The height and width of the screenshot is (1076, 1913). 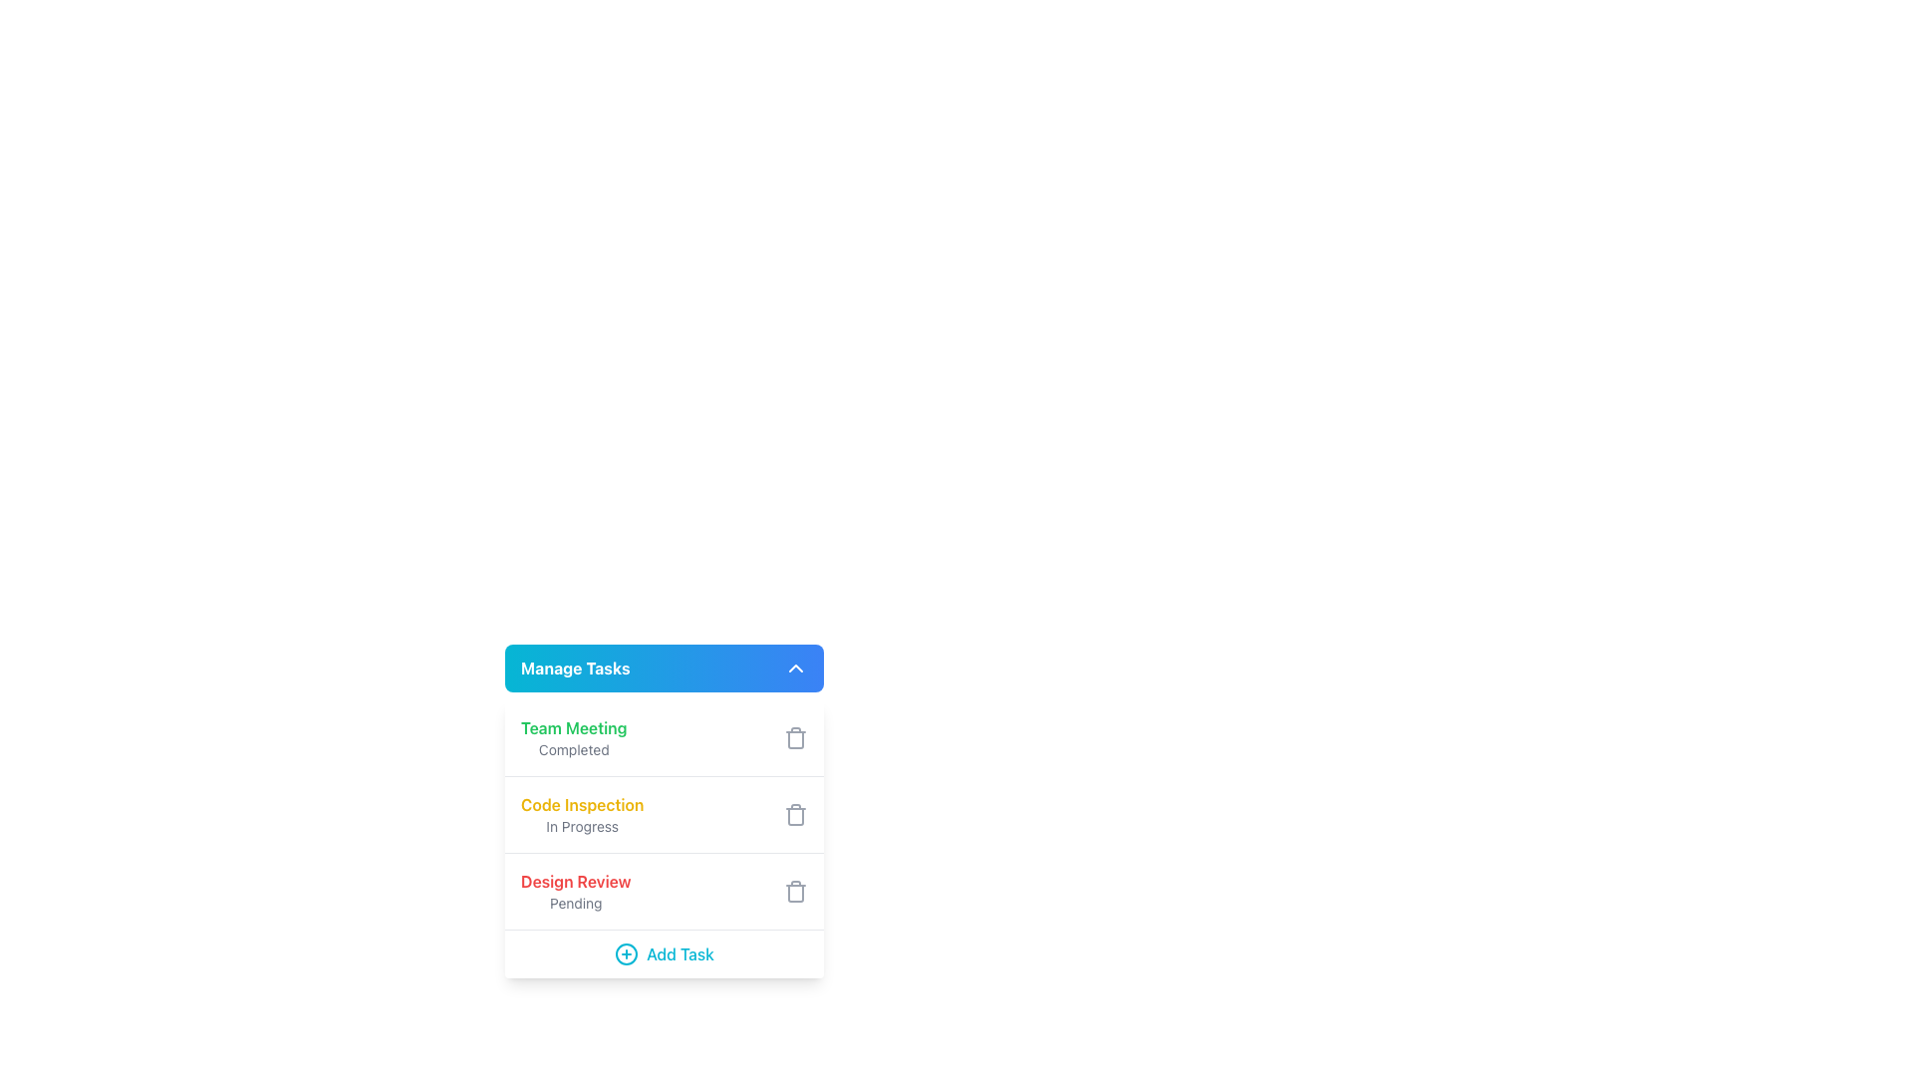 I want to click on the circular '+' icon located to the left of the 'Add Task' button, which is styled with a cyan stroke and invites users to add a task, so click(x=625, y=952).